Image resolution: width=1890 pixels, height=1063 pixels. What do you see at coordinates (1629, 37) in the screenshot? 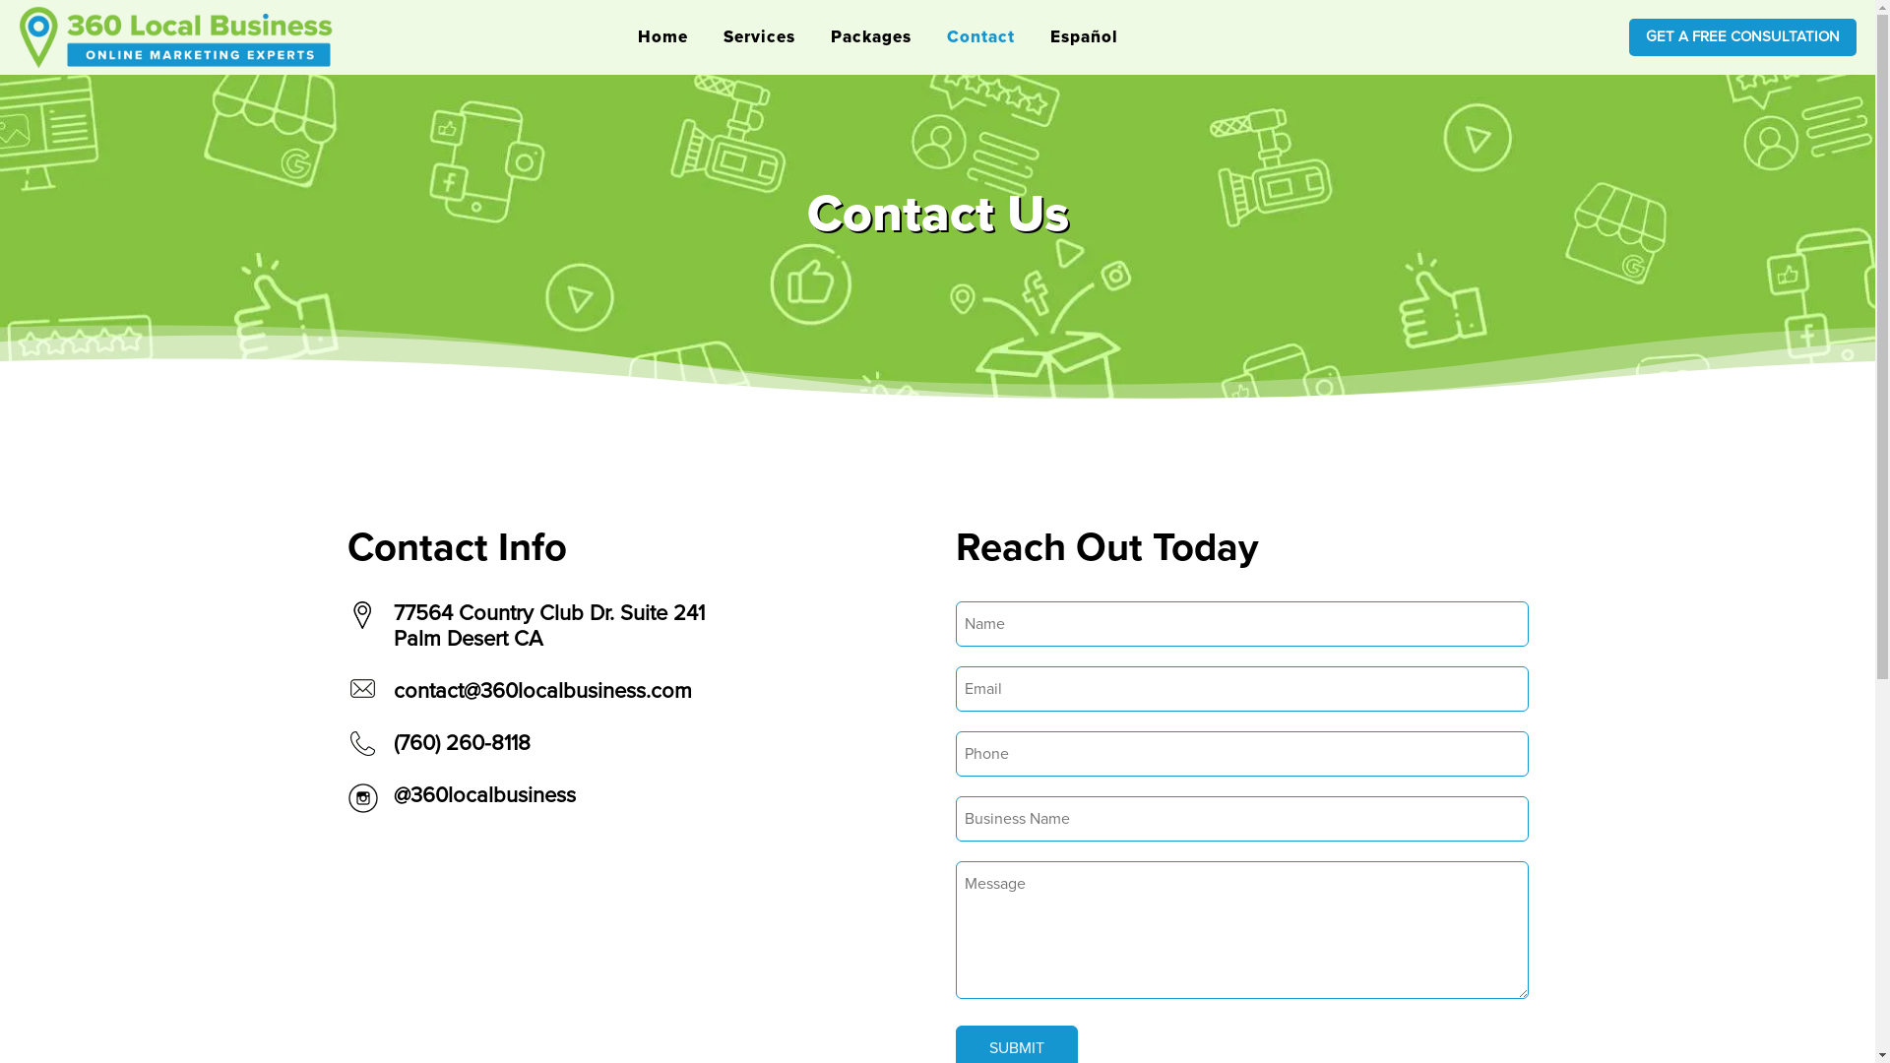
I see `'GET A FREE CONSULTATION'` at bounding box center [1629, 37].